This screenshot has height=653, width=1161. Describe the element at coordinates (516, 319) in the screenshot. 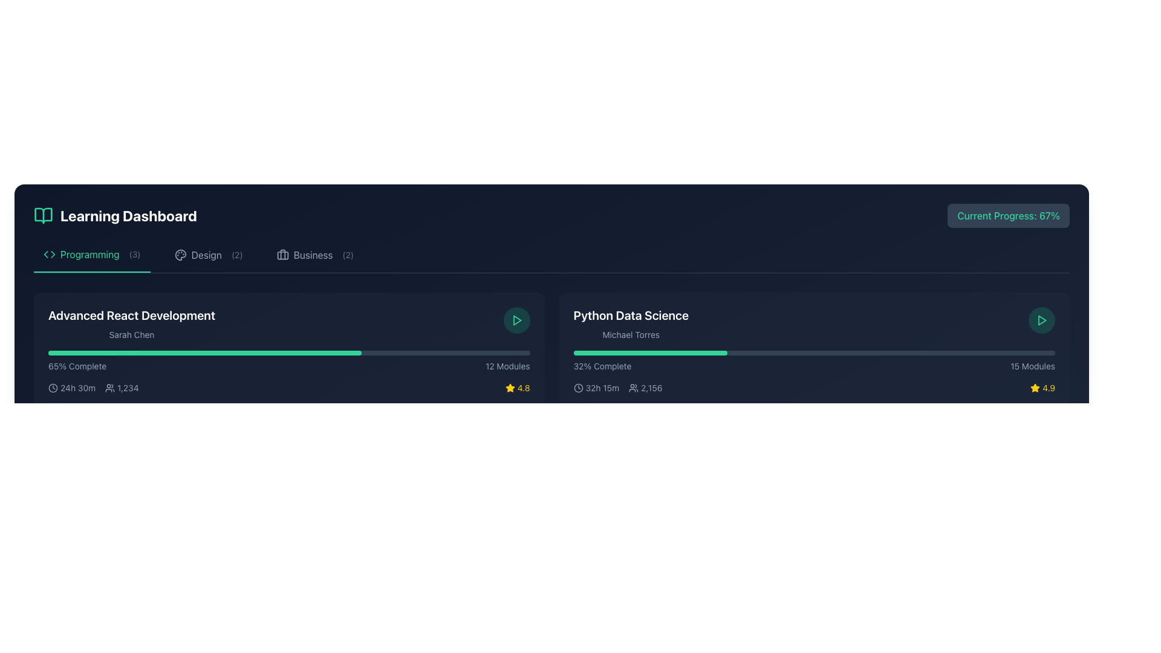

I see `the play button located in the middle-right corner of the 'Python Data Science' card section` at that location.